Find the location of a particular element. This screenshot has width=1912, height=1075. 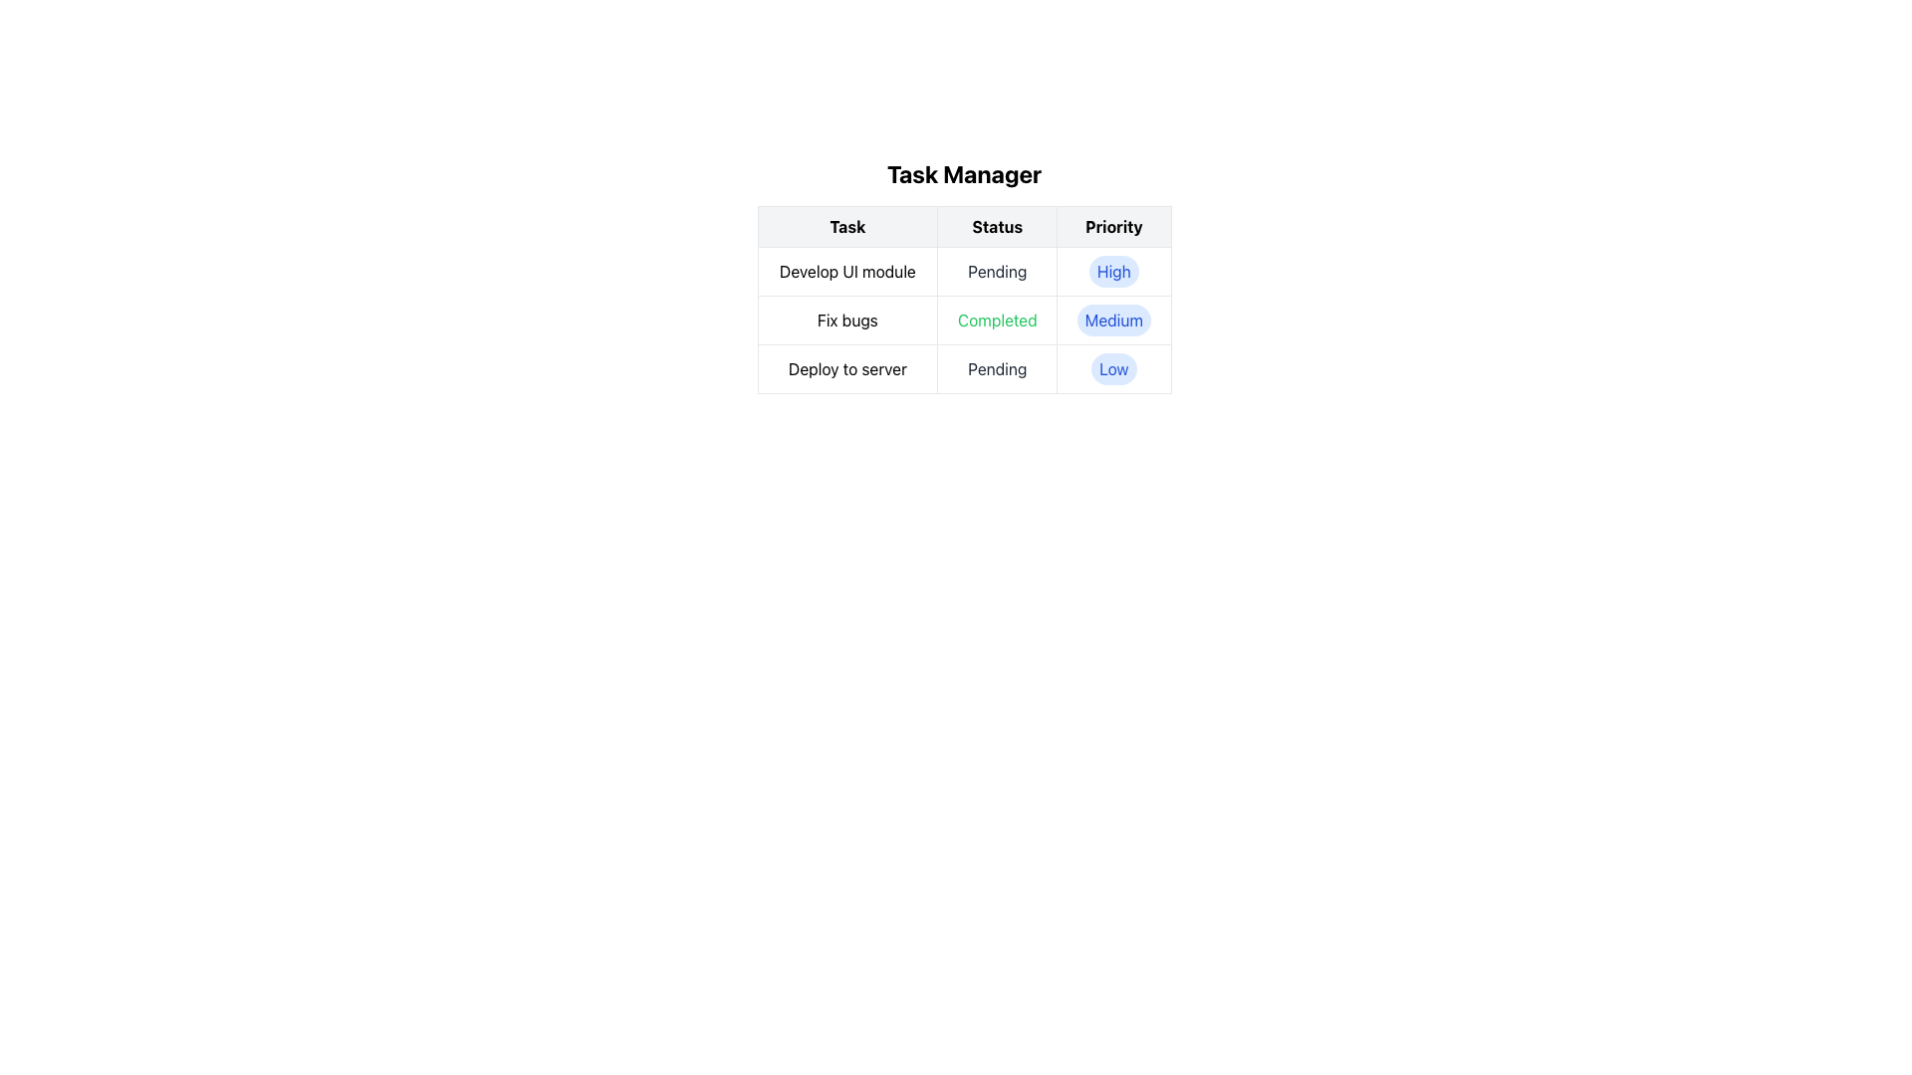

the Text Label indicating the task 'Fix bugs' located in the second row of the task management table is located at coordinates (847, 319).